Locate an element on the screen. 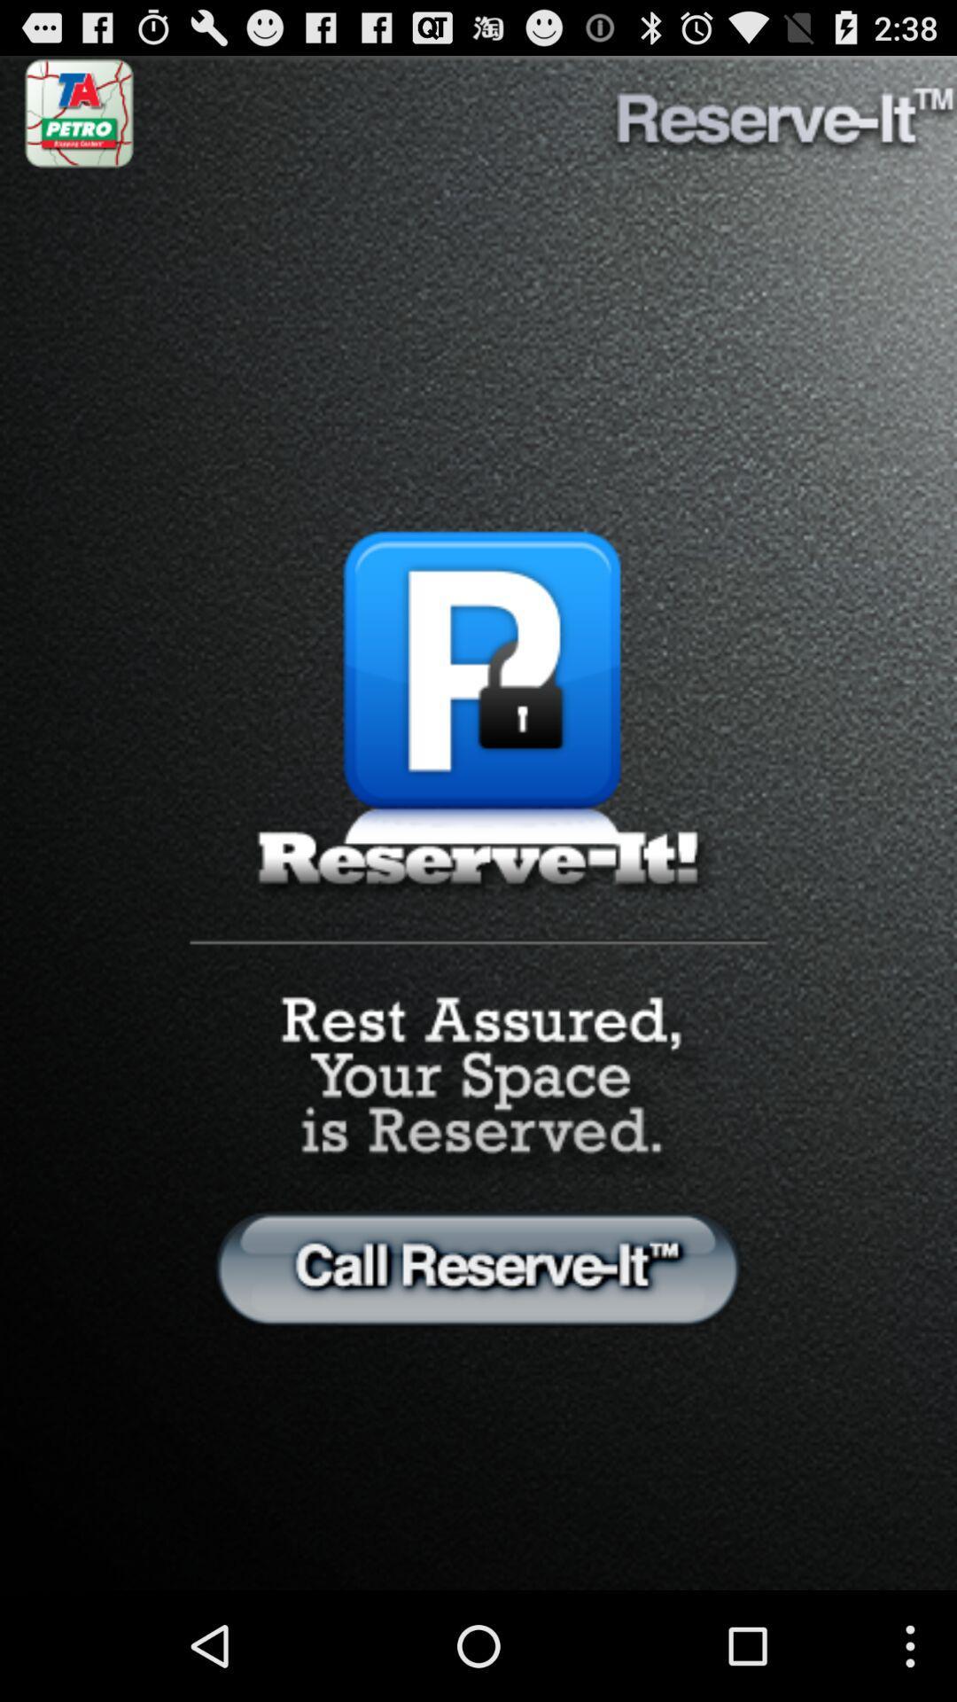  place telephone call is located at coordinates (478, 1267).